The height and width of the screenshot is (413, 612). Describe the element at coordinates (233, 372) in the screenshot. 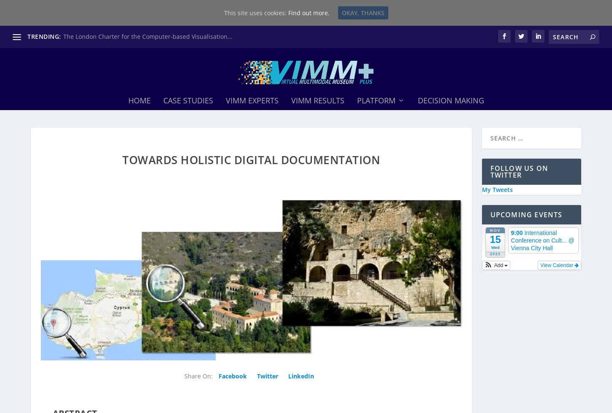

I see `'Facebook'` at that location.